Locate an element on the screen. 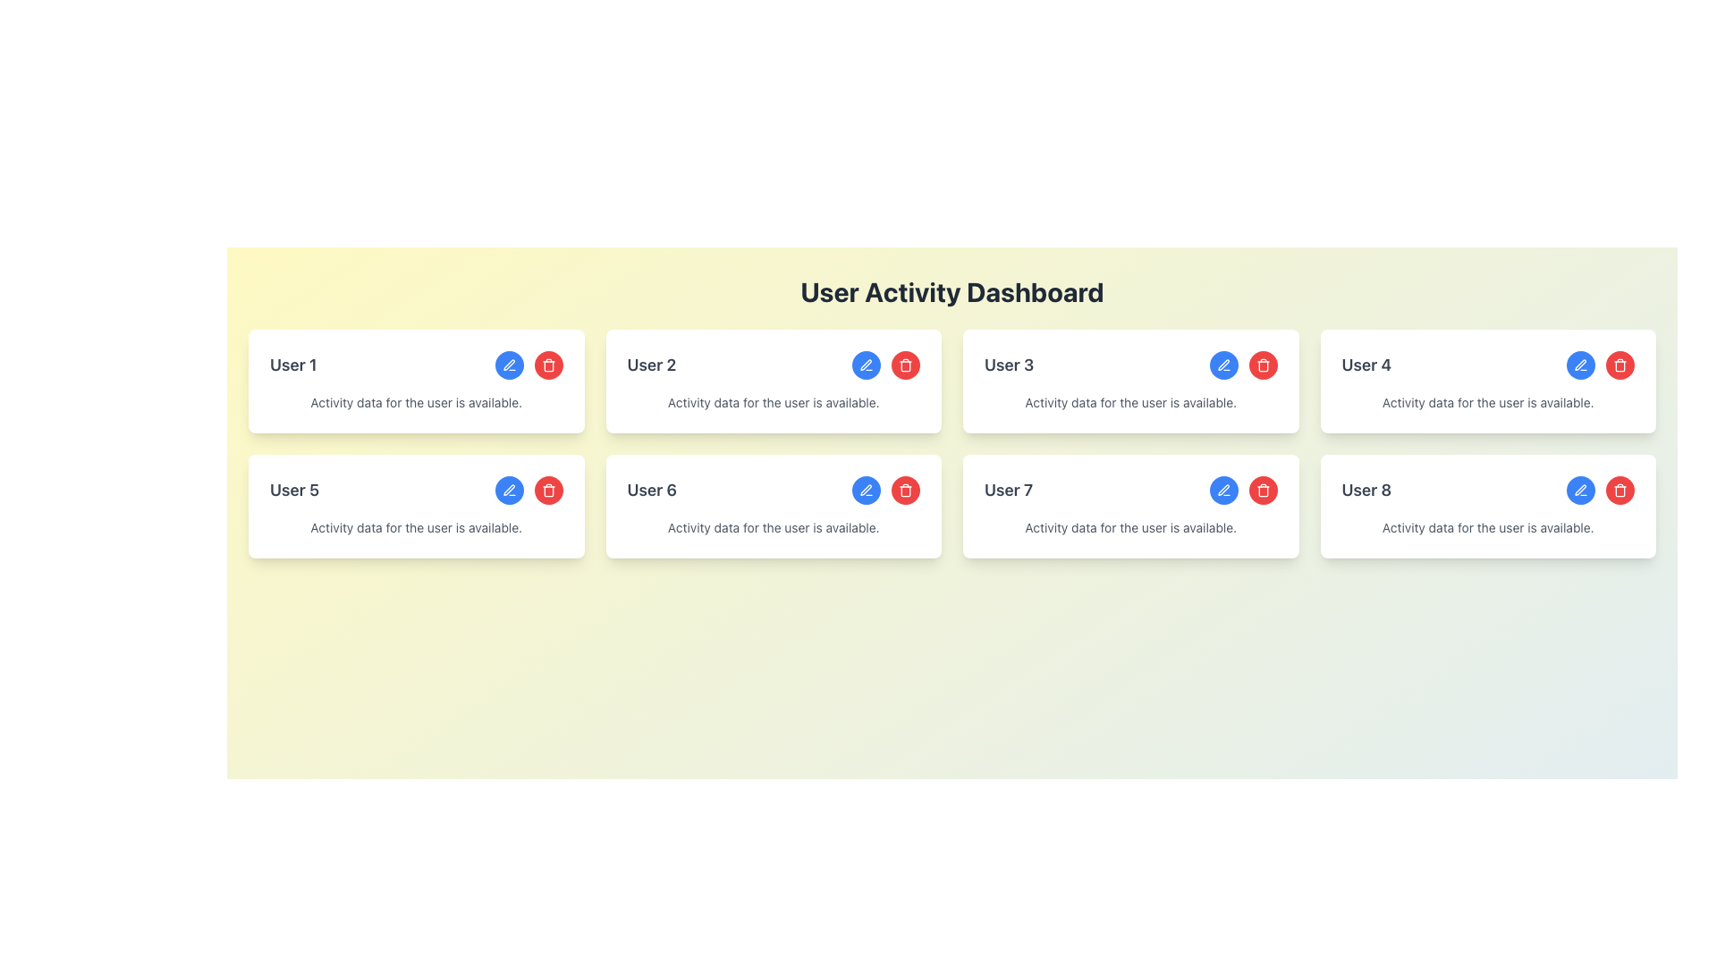 This screenshot has height=965, width=1717. the circular button with a blue background and white pen icon, located to the right of the 'User 5' card in the user activity dashboard is located at coordinates (508, 490).